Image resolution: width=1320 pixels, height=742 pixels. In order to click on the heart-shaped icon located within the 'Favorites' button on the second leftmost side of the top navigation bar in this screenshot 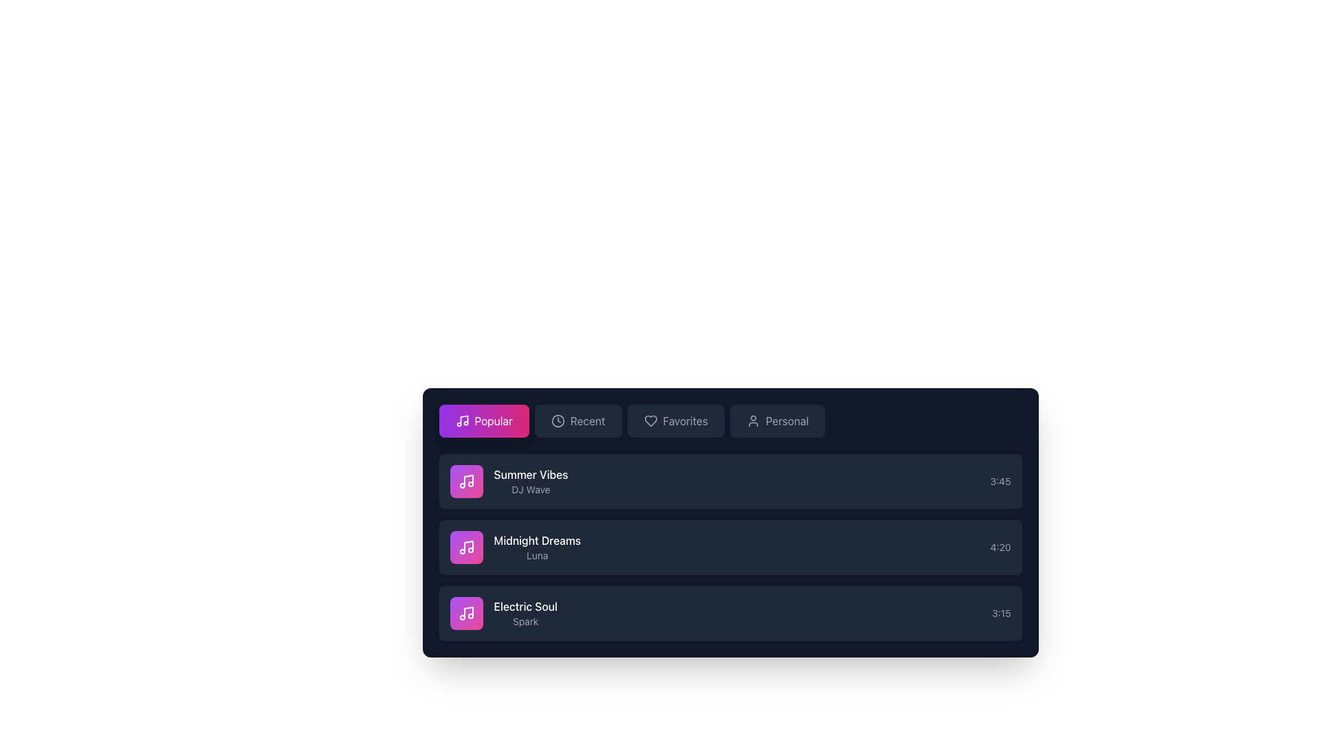, I will do `click(650, 420)`.